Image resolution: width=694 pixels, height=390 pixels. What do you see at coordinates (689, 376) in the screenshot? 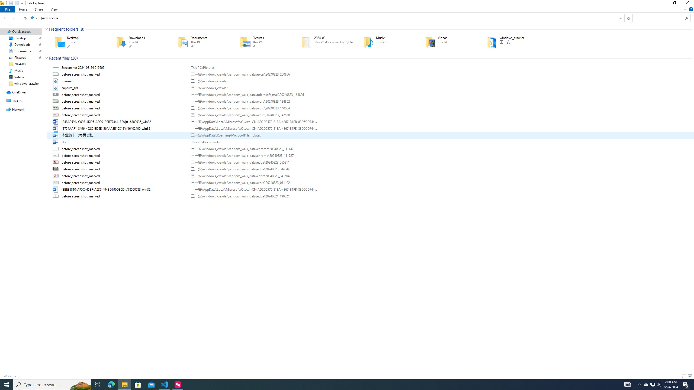
I see `'Large Icons'` at bounding box center [689, 376].